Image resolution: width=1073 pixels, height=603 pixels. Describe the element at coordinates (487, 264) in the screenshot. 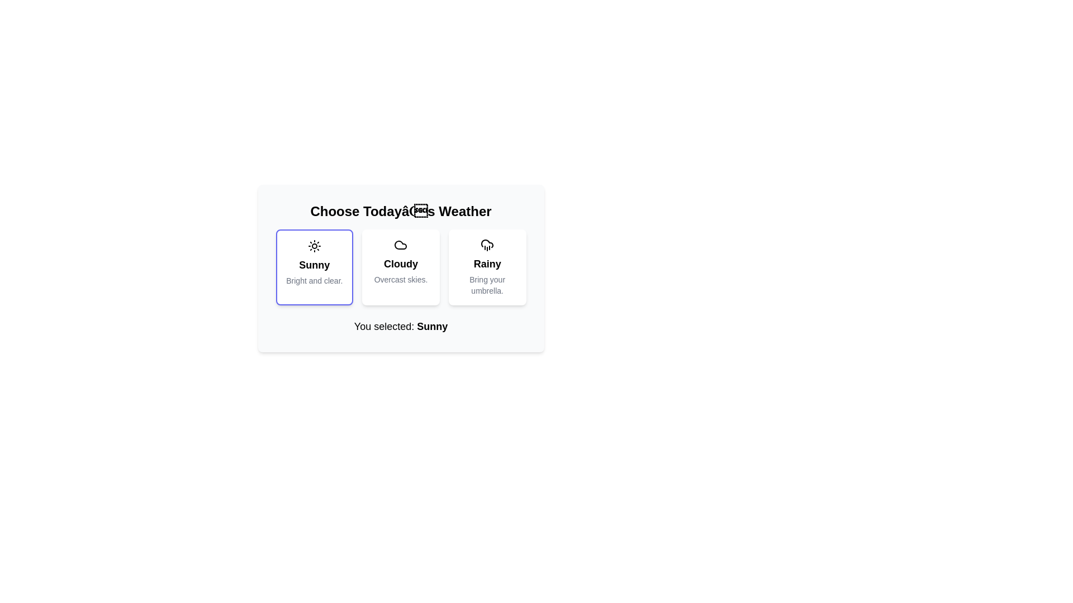

I see `the bold text label displaying 'Rainy'` at that location.